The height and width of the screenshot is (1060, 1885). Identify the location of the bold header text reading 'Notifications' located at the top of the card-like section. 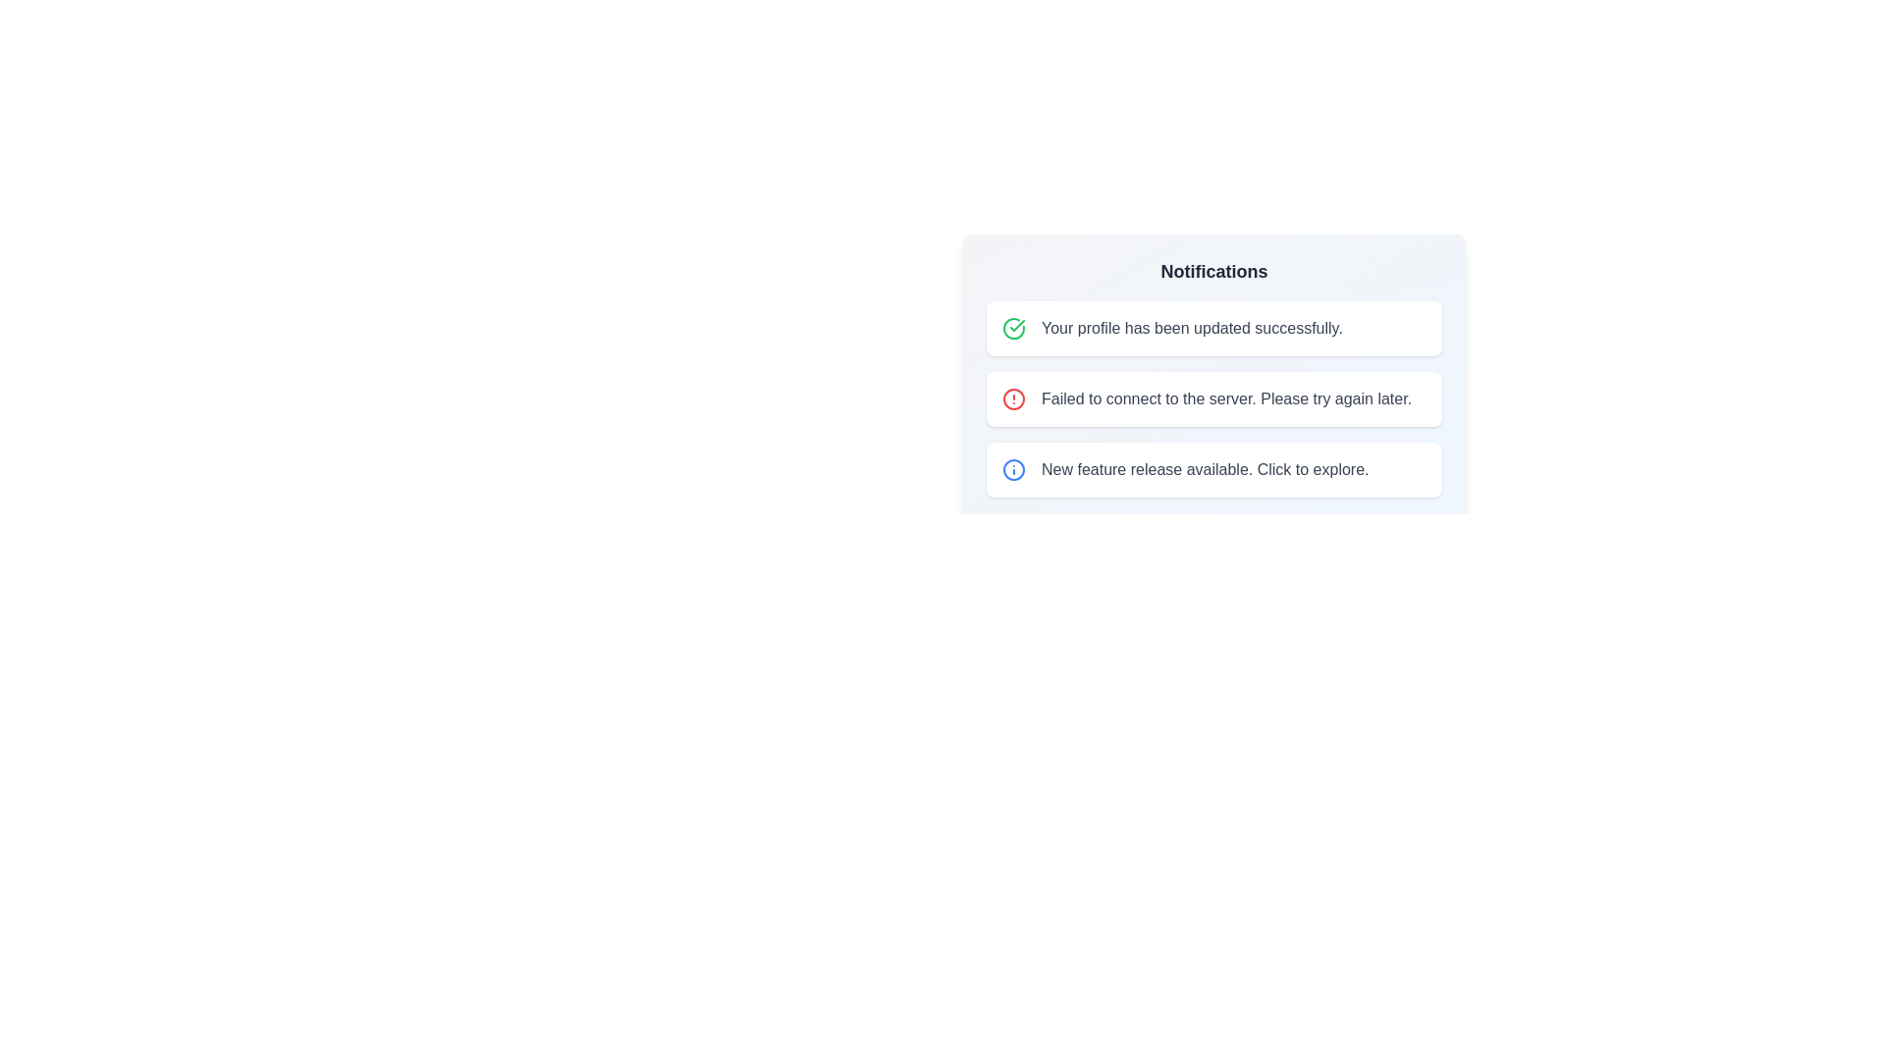
(1213, 272).